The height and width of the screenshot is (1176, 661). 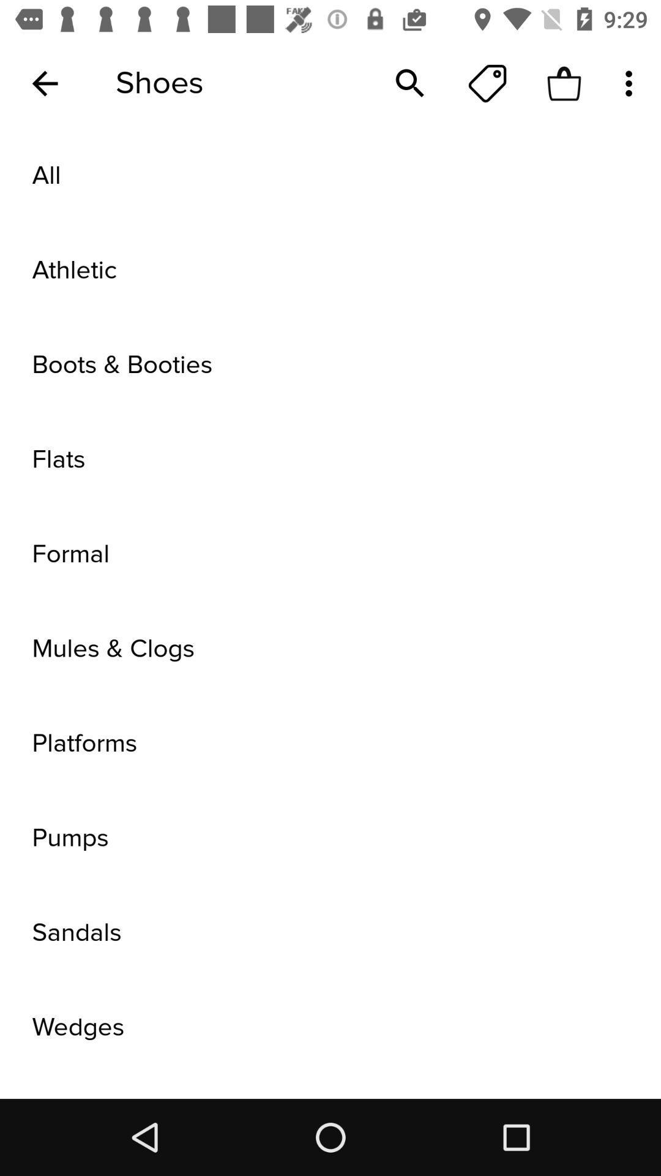 I want to click on formal item, so click(x=330, y=554).